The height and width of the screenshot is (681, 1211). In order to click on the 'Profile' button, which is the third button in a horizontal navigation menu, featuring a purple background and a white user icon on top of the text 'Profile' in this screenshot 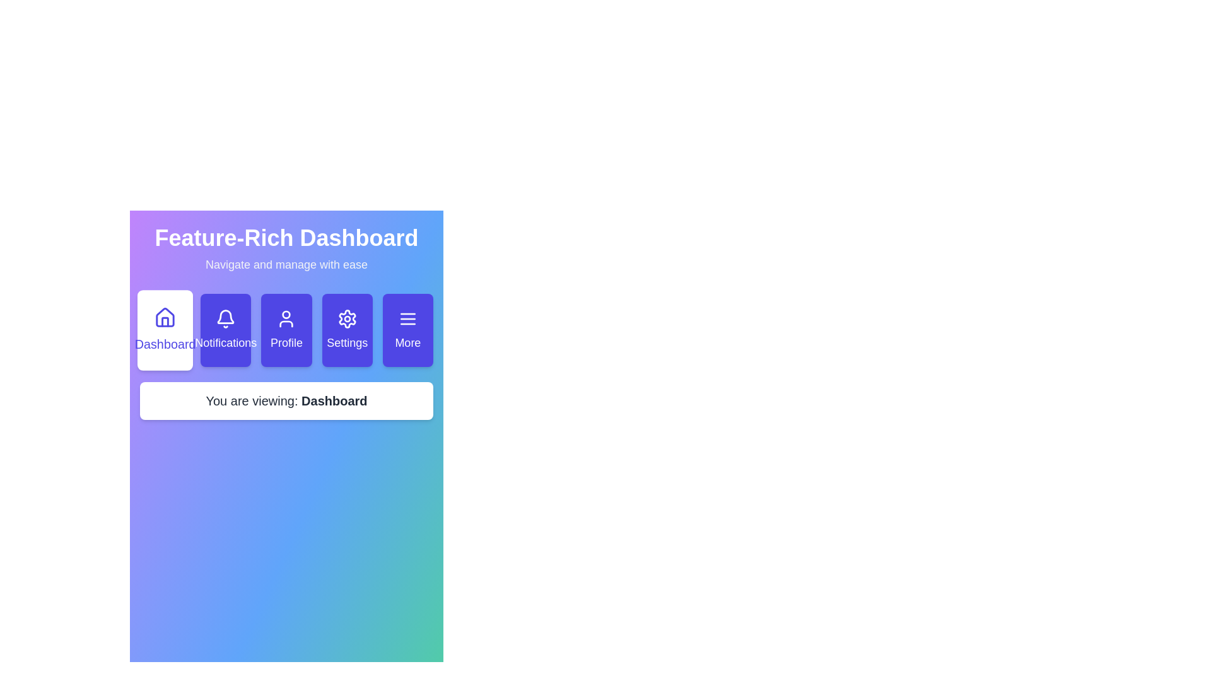, I will do `click(286, 330)`.